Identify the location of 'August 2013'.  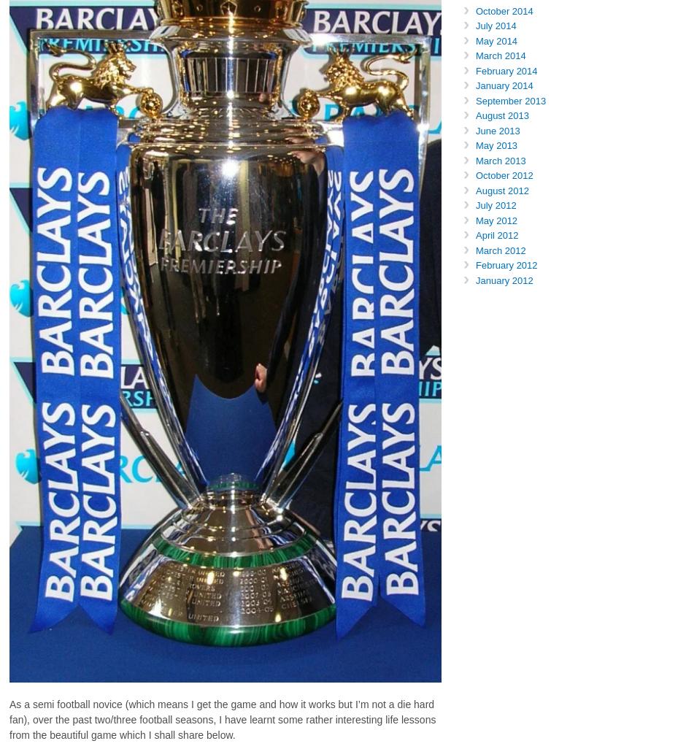
(501, 115).